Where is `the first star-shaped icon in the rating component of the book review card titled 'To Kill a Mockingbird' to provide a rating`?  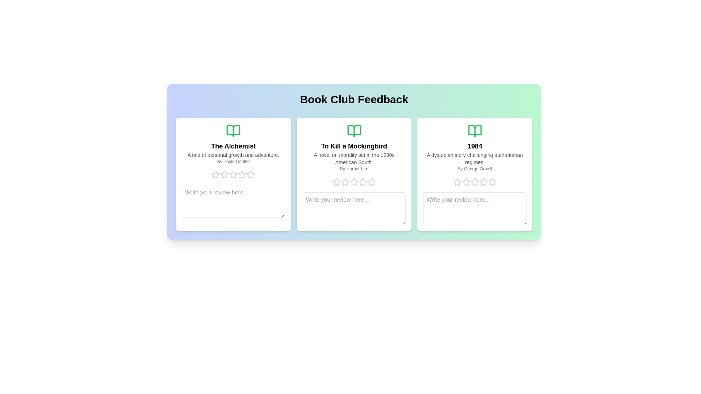 the first star-shaped icon in the rating component of the book review card titled 'To Kill a Mockingbird' to provide a rating is located at coordinates (336, 181).